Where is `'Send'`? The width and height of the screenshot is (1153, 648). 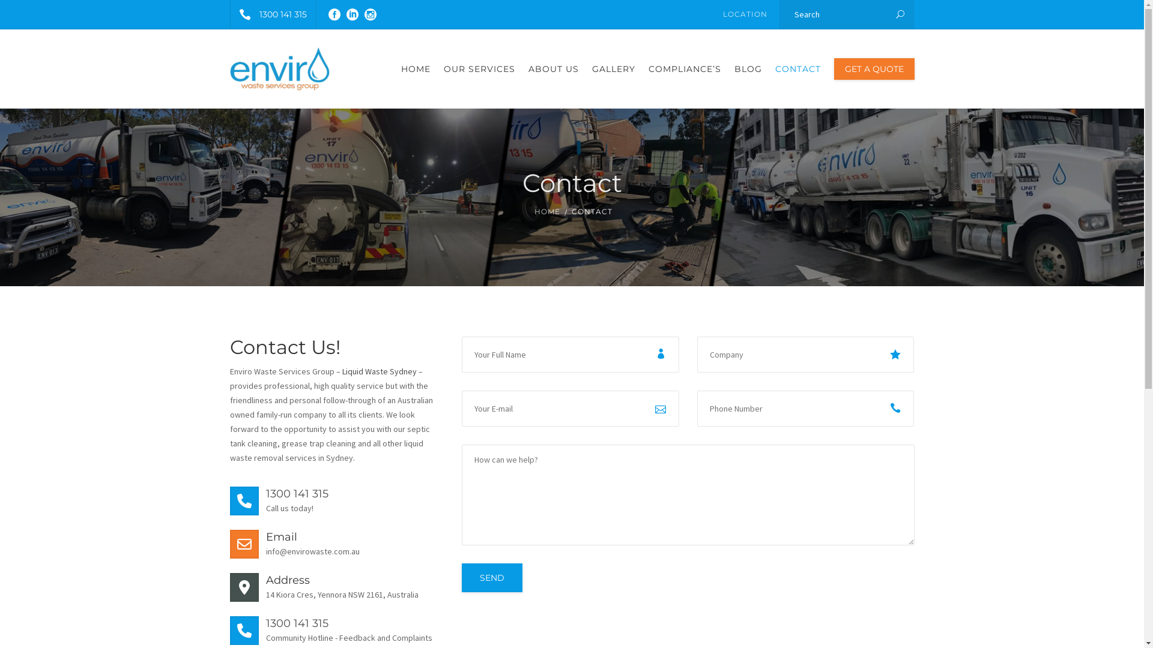
'Send' is located at coordinates (492, 577).